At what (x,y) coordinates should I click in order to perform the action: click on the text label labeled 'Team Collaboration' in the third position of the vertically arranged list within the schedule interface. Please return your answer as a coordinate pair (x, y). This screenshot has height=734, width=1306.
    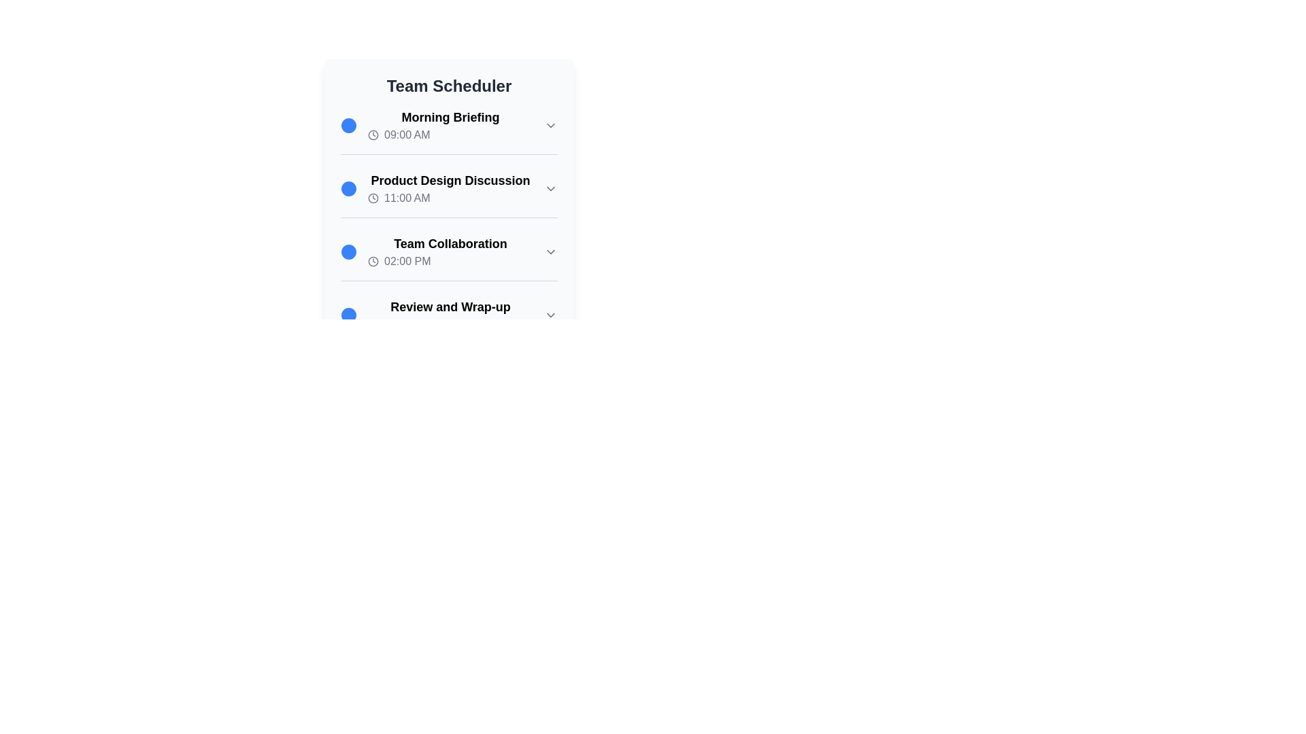
    Looking at the image, I should click on (450, 243).